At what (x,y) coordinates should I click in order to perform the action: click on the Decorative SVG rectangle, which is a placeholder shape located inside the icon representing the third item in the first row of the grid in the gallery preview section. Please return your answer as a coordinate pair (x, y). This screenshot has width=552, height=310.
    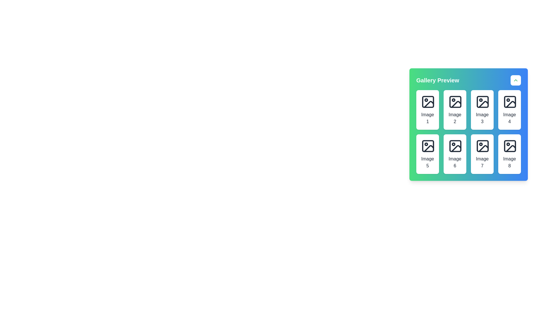
    Looking at the image, I should click on (483, 101).